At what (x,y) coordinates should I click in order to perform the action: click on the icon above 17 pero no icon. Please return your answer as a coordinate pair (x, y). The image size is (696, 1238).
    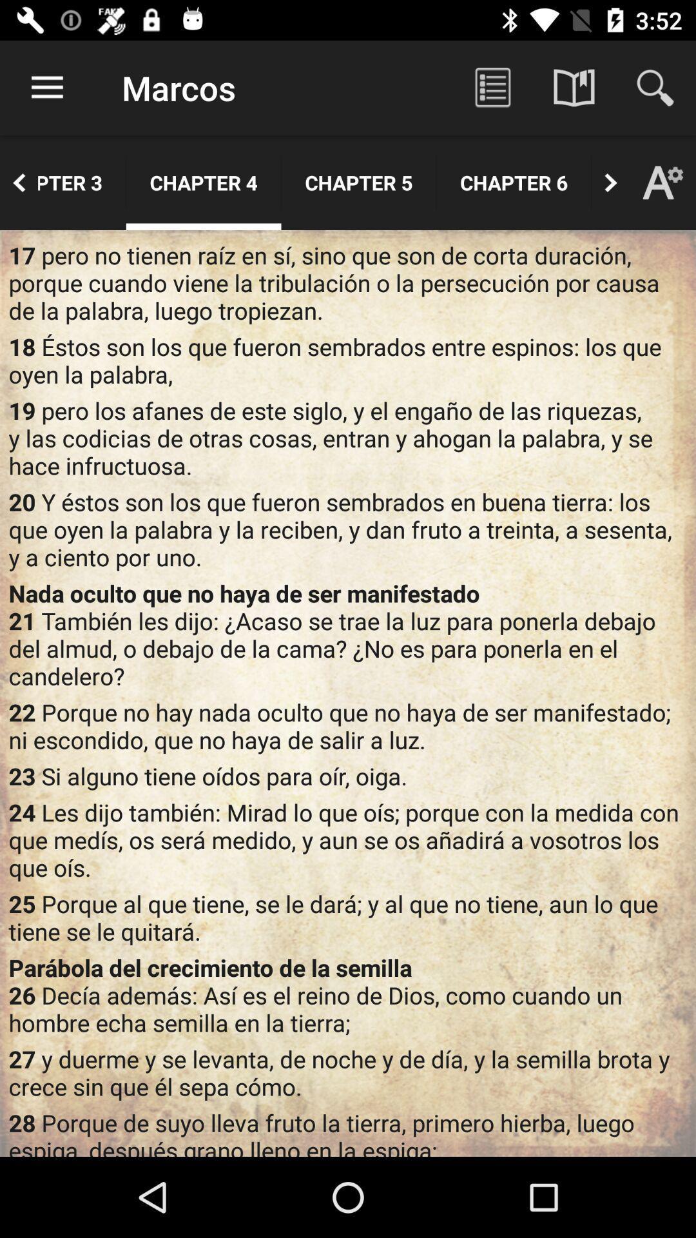
    Looking at the image, I should click on (513, 182).